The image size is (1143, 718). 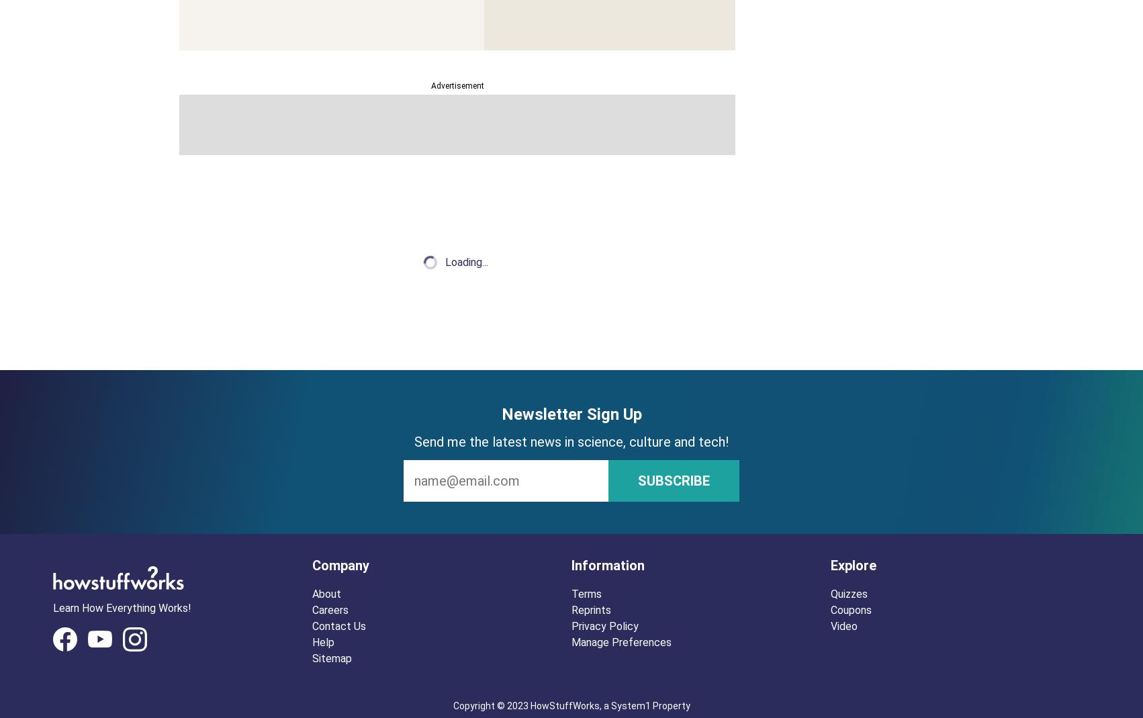 I want to click on 'Astrophysicist and science promoter Neil deGrasse Tyson is the director of the Hayden Planetarium, but that's just the tip of his accomplishments.', so click(x=453, y=623).